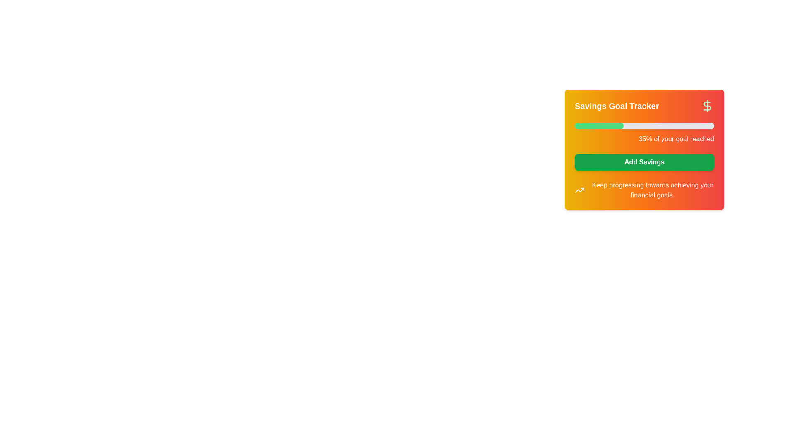 This screenshot has width=794, height=446. Describe the element at coordinates (644, 106) in the screenshot. I see `the icon in the header section of the card component that indicates the purpose of tracking and managing savings goals to observe potential tooltips` at that location.